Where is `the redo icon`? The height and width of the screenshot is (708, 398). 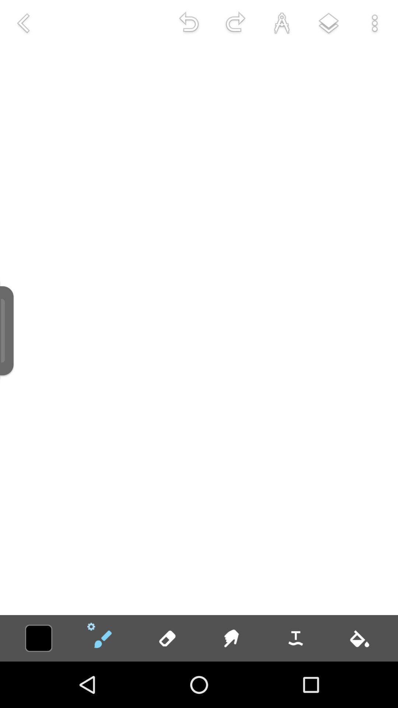 the redo icon is located at coordinates (235, 23).